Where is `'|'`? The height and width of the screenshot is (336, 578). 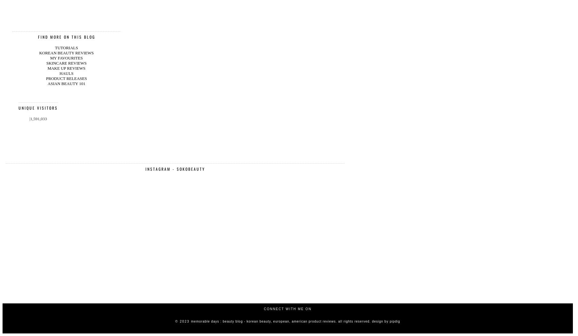
'|' is located at coordinates (29, 42).